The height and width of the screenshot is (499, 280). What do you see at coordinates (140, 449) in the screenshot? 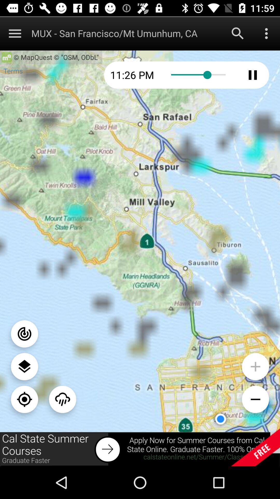
I see `open advertisement` at bounding box center [140, 449].